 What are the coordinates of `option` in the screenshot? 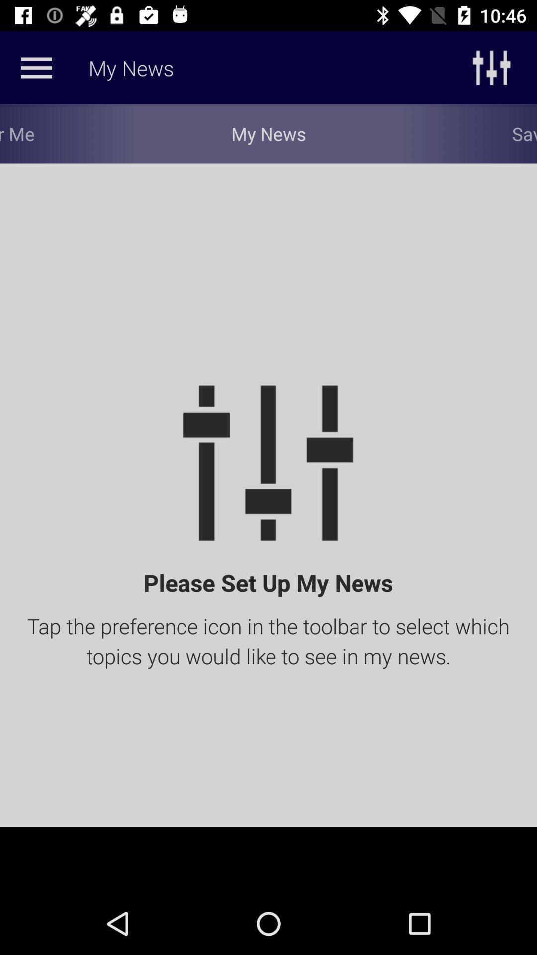 It's located at (36, 67).